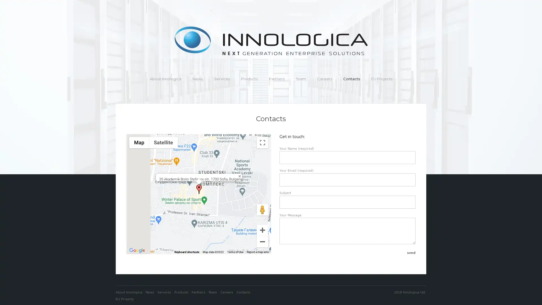 The image size is (542, 305). I want to click on Close, so click(240, 176).